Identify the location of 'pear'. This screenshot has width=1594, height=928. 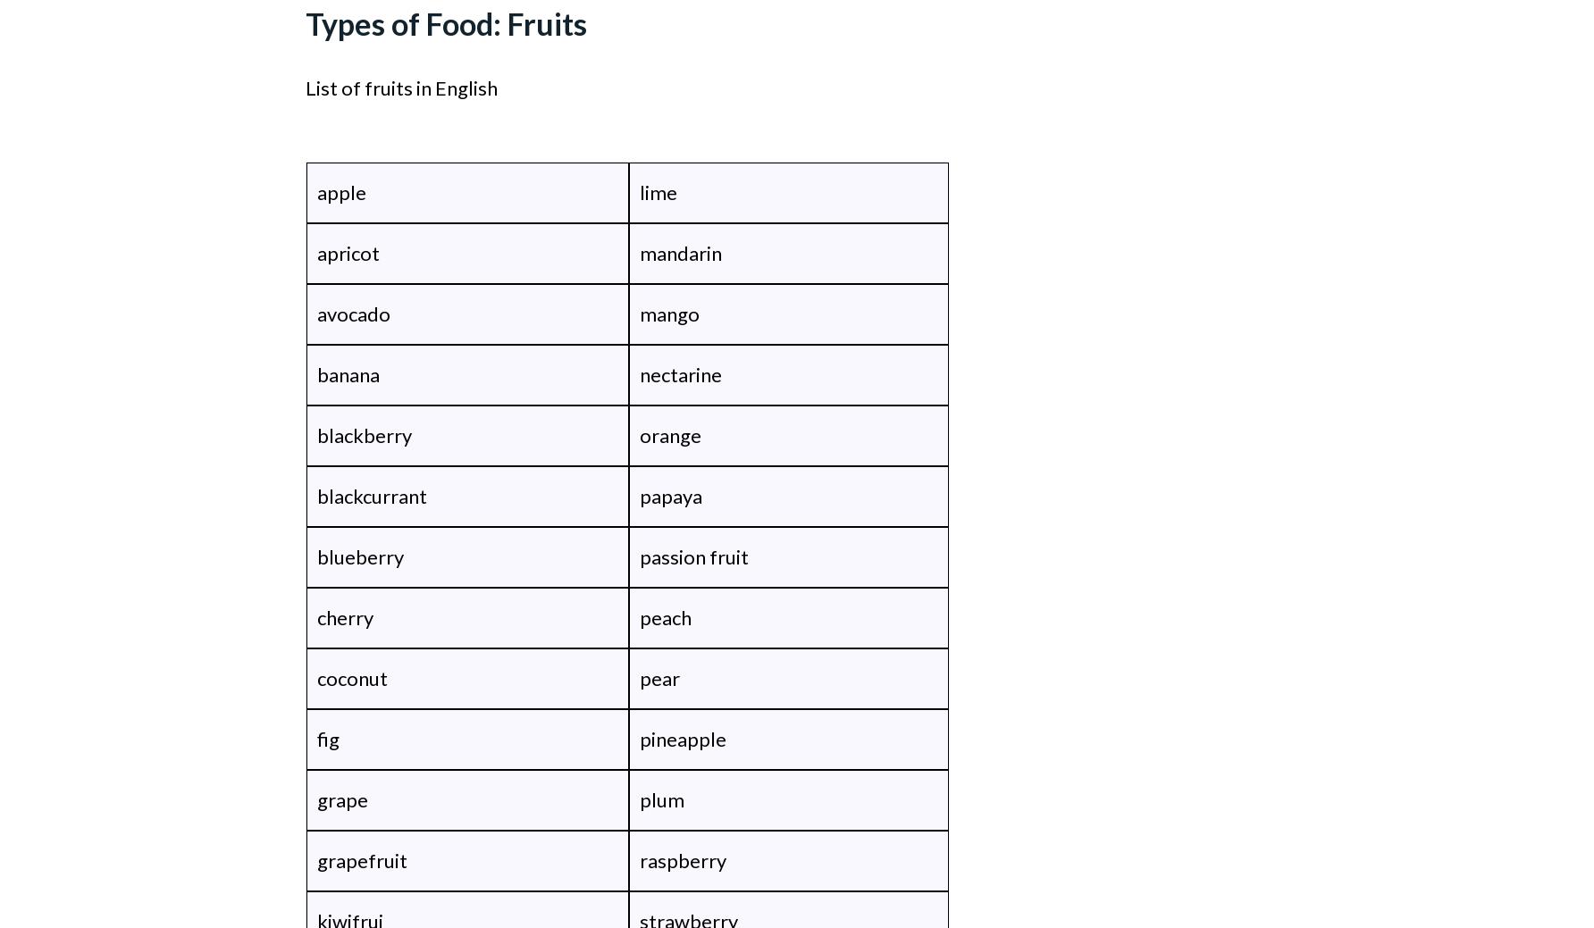
(659, 677).